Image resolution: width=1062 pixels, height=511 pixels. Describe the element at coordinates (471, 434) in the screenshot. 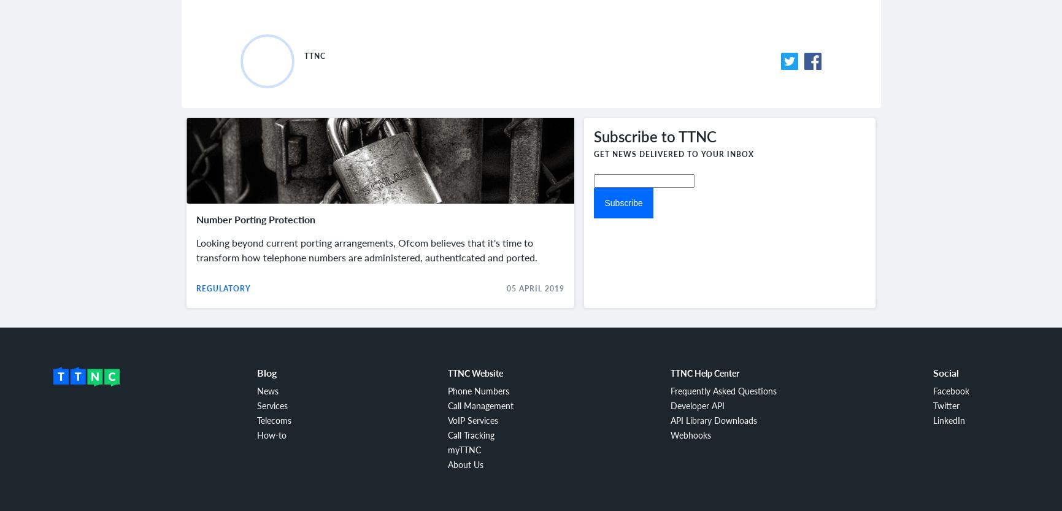

I see `'Call Tracking'` at that location.